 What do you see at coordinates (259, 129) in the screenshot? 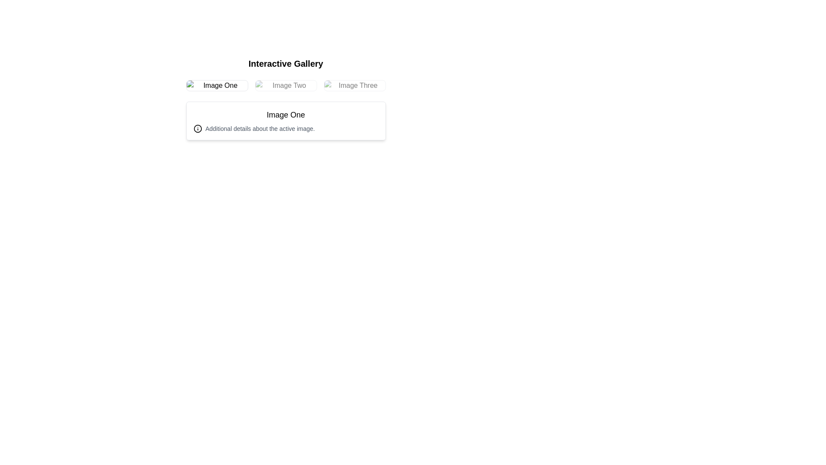
I see `the text label that says 'Additional details about the active image.', which is styled in a small gray font and positioned to the right of an informational icon` at bounding box center [259, 129].